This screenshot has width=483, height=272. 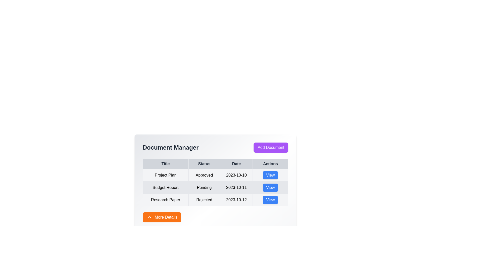 What do you see at coordinates (236, 187) in the screenshot?
I see `the static text displaying the date '2023-10-11' in the 'Date' column of the 'Budget Report' entry` at bounding box center [236, 187].